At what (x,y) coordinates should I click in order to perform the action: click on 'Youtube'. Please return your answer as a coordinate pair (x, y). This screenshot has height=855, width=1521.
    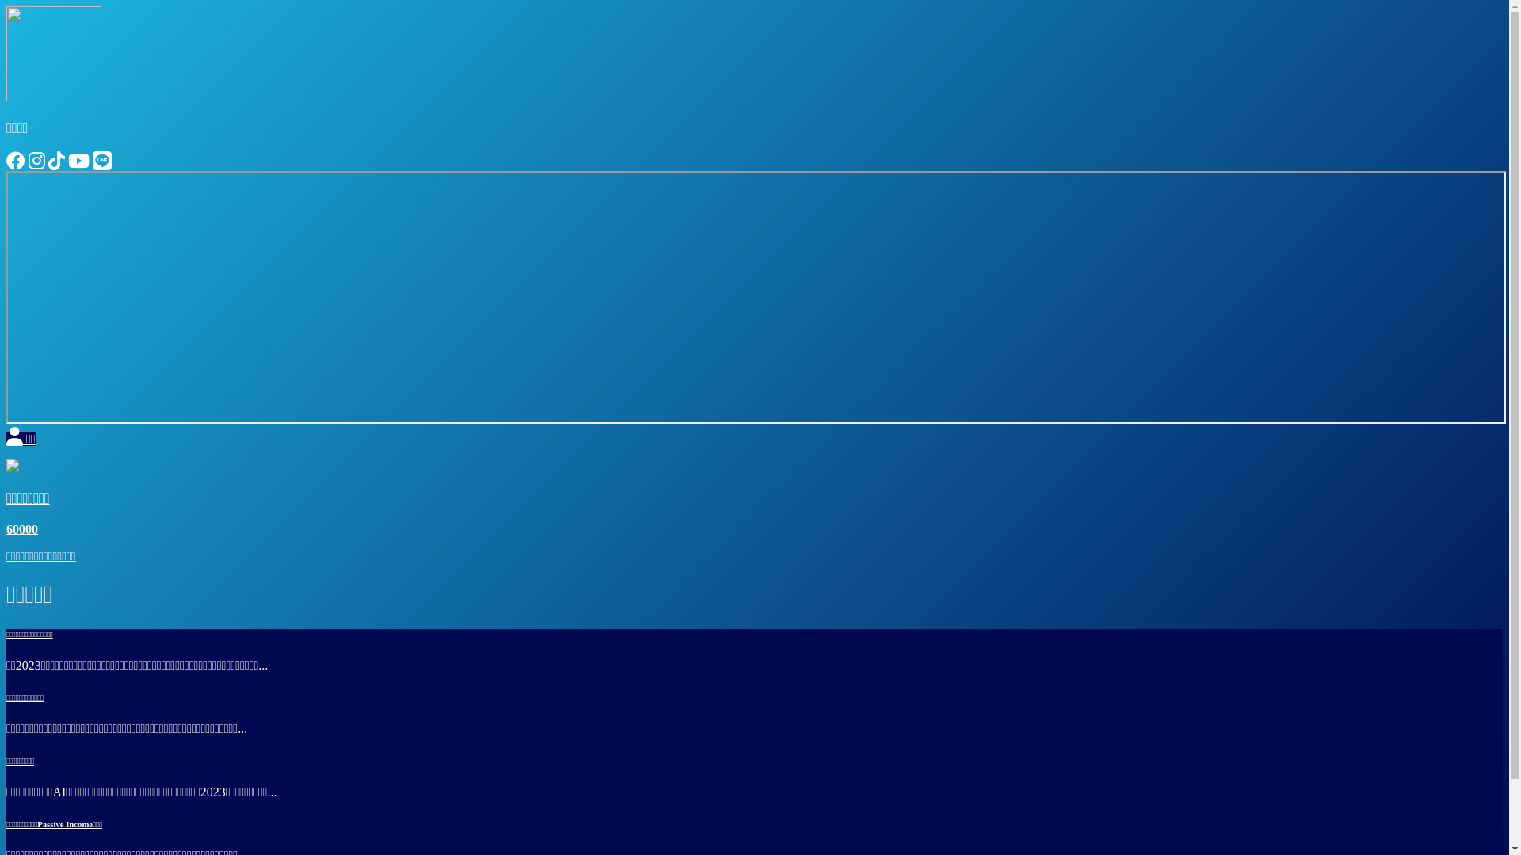
    Looking at the image, I should click on (78, 163).